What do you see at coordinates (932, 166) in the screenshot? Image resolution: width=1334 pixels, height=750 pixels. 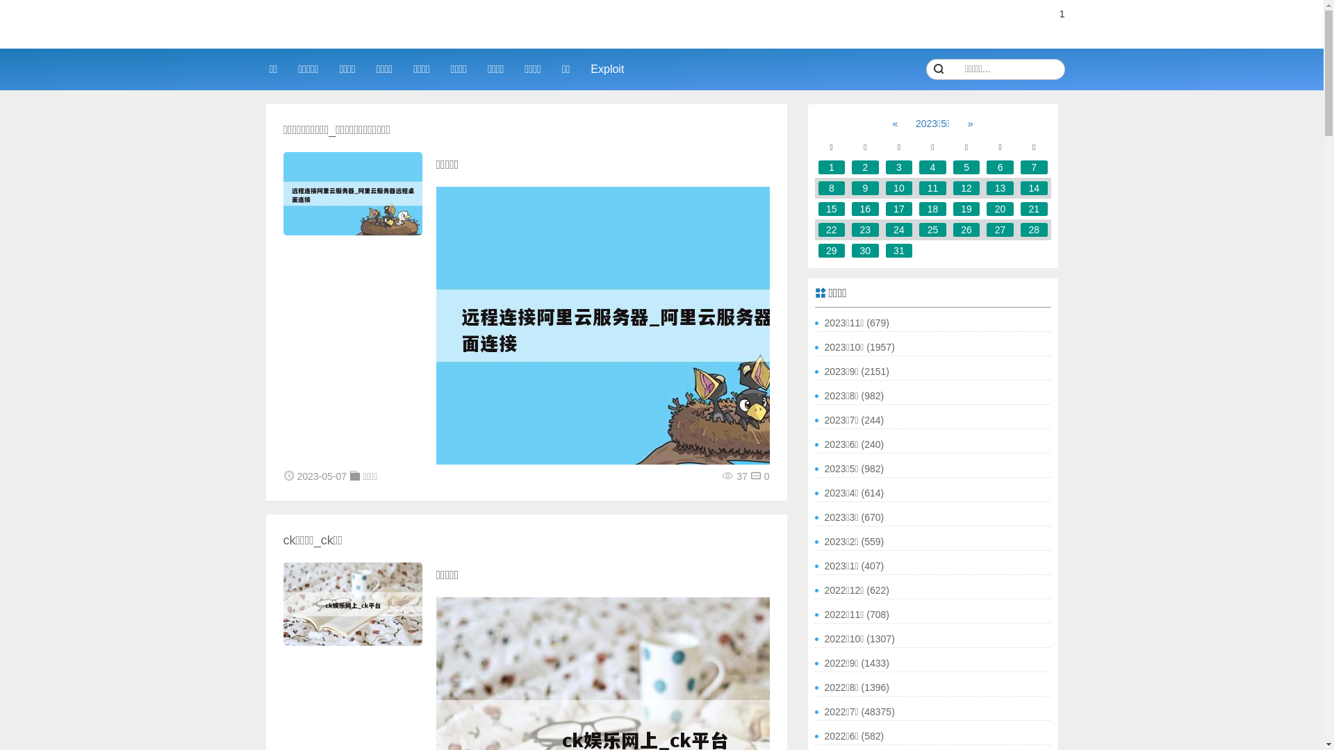 I see `'4'` at bounding box center [932, 166].